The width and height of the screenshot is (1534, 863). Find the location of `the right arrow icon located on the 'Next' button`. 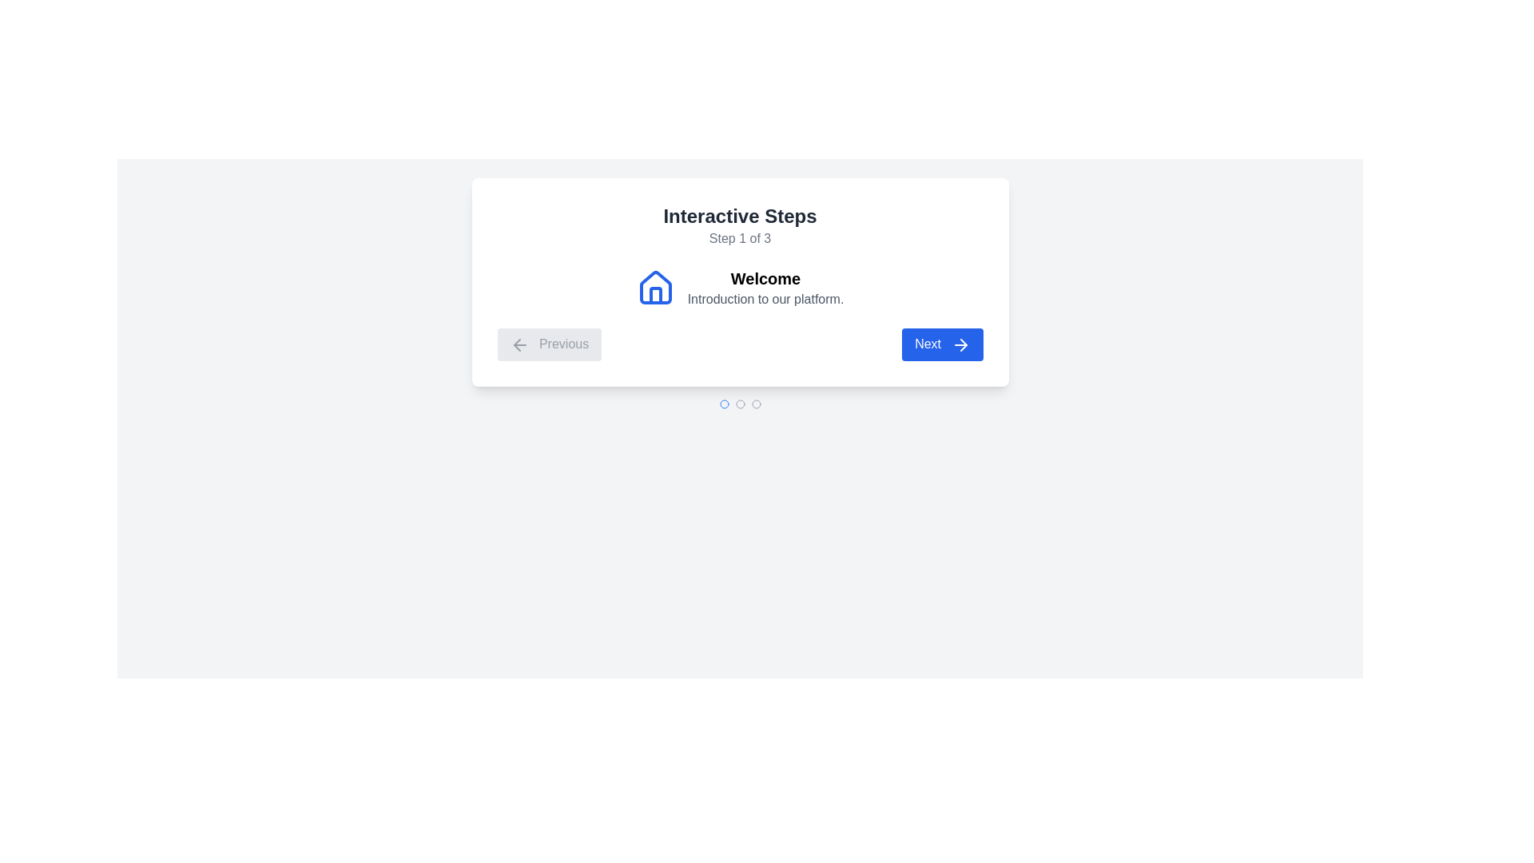

the right arrow icon located on the 'Next' button is located at coordinates (960, 344).